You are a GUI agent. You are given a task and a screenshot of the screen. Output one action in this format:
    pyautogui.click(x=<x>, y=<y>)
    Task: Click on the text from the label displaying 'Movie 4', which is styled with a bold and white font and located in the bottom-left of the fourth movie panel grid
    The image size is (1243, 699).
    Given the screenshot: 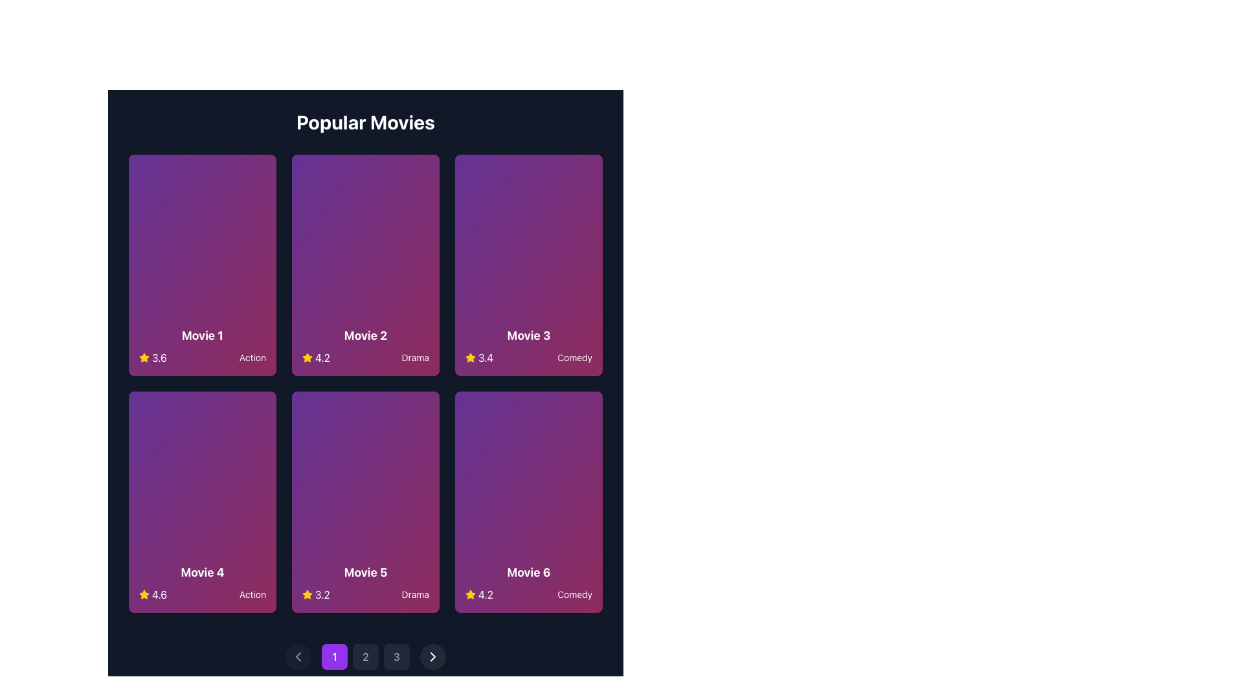 What is the action you would take?
    pyautogui.click(x=201, y=571)
    